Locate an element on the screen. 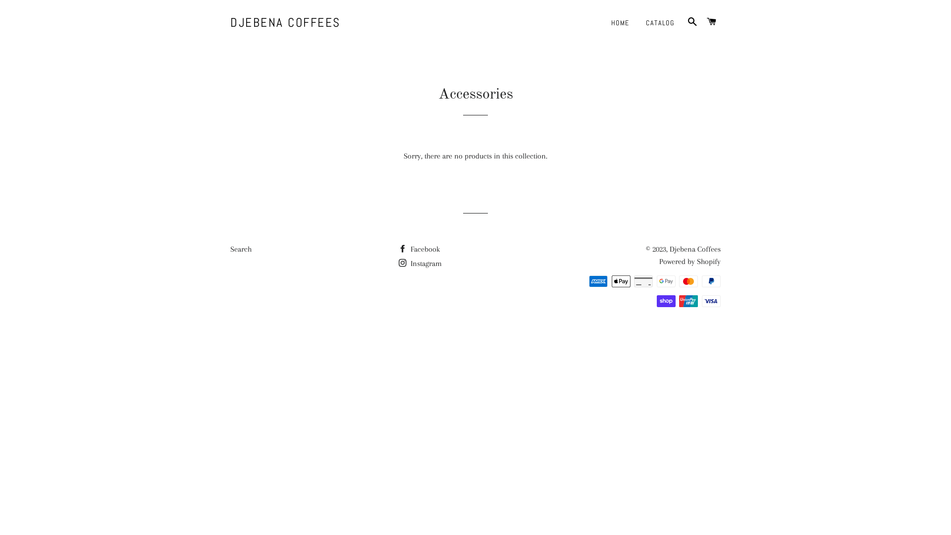 The image size is (951, 535). 'CATALOG' is located at coordinates (660, 22).